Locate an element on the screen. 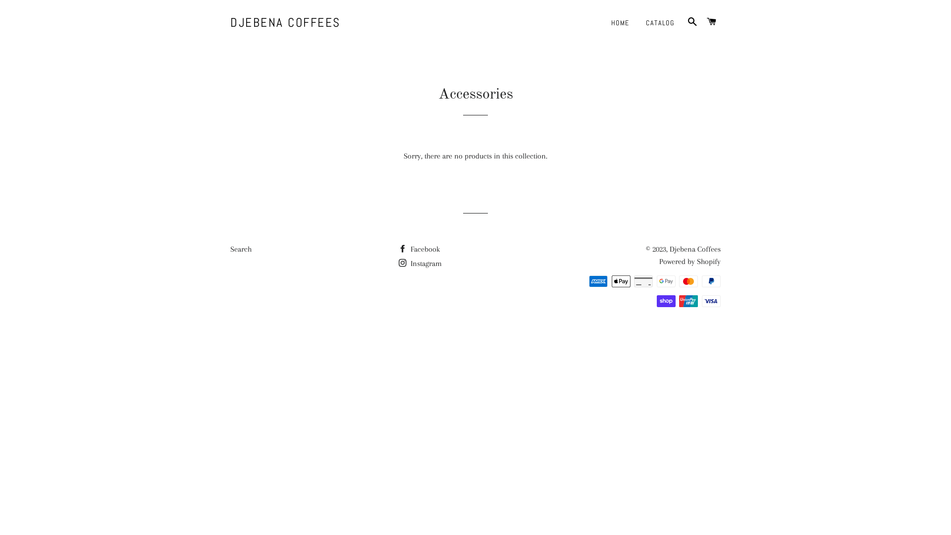 The image size is (951, 535). 'CATALOG' is located at coordinates (660, 22).